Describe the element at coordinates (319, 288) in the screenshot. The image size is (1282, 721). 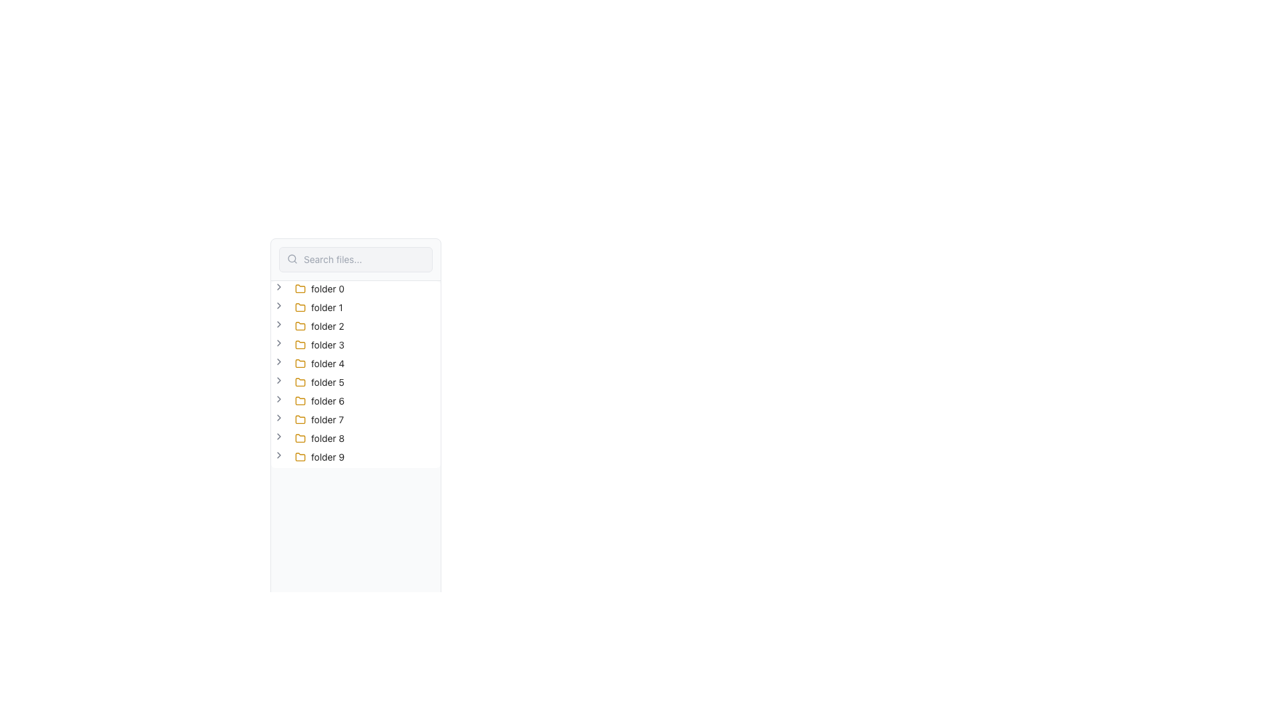
I see `the folder labeled 'folder 0'` at that location.